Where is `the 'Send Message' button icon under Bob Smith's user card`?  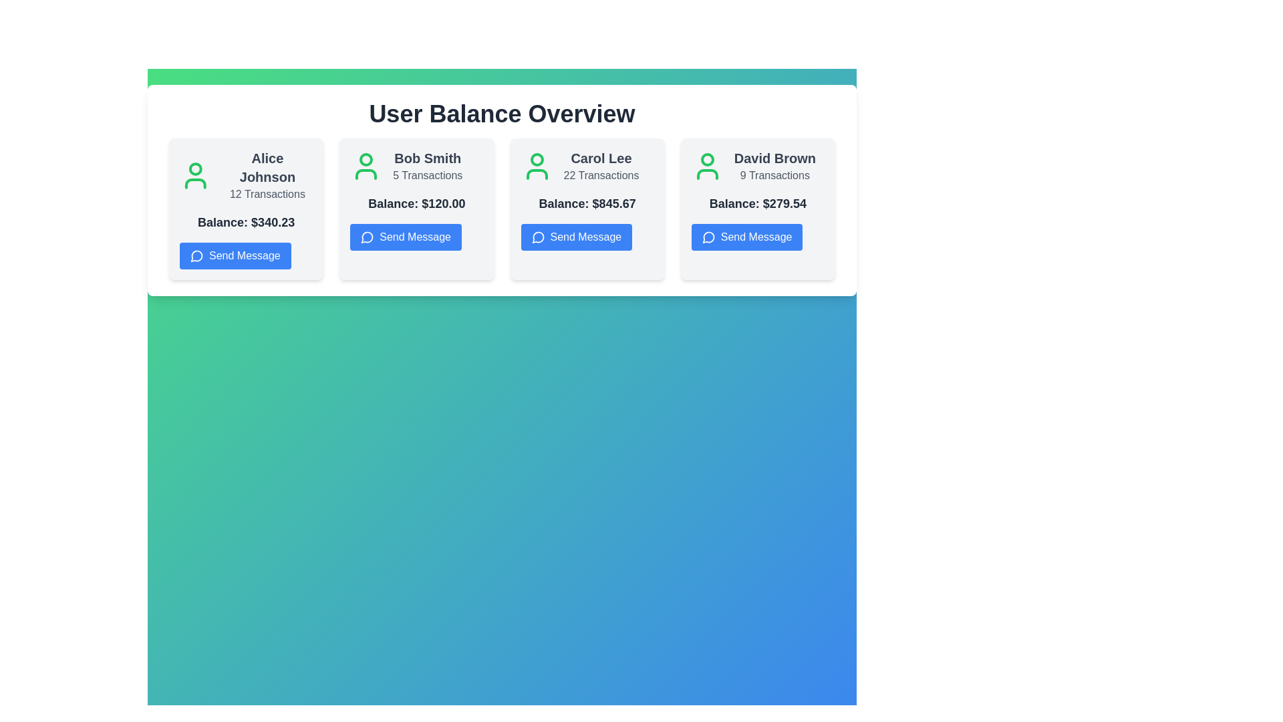 the 'Send Message' button icon under Bob Smith's user card is located at coordinates (368, 236).